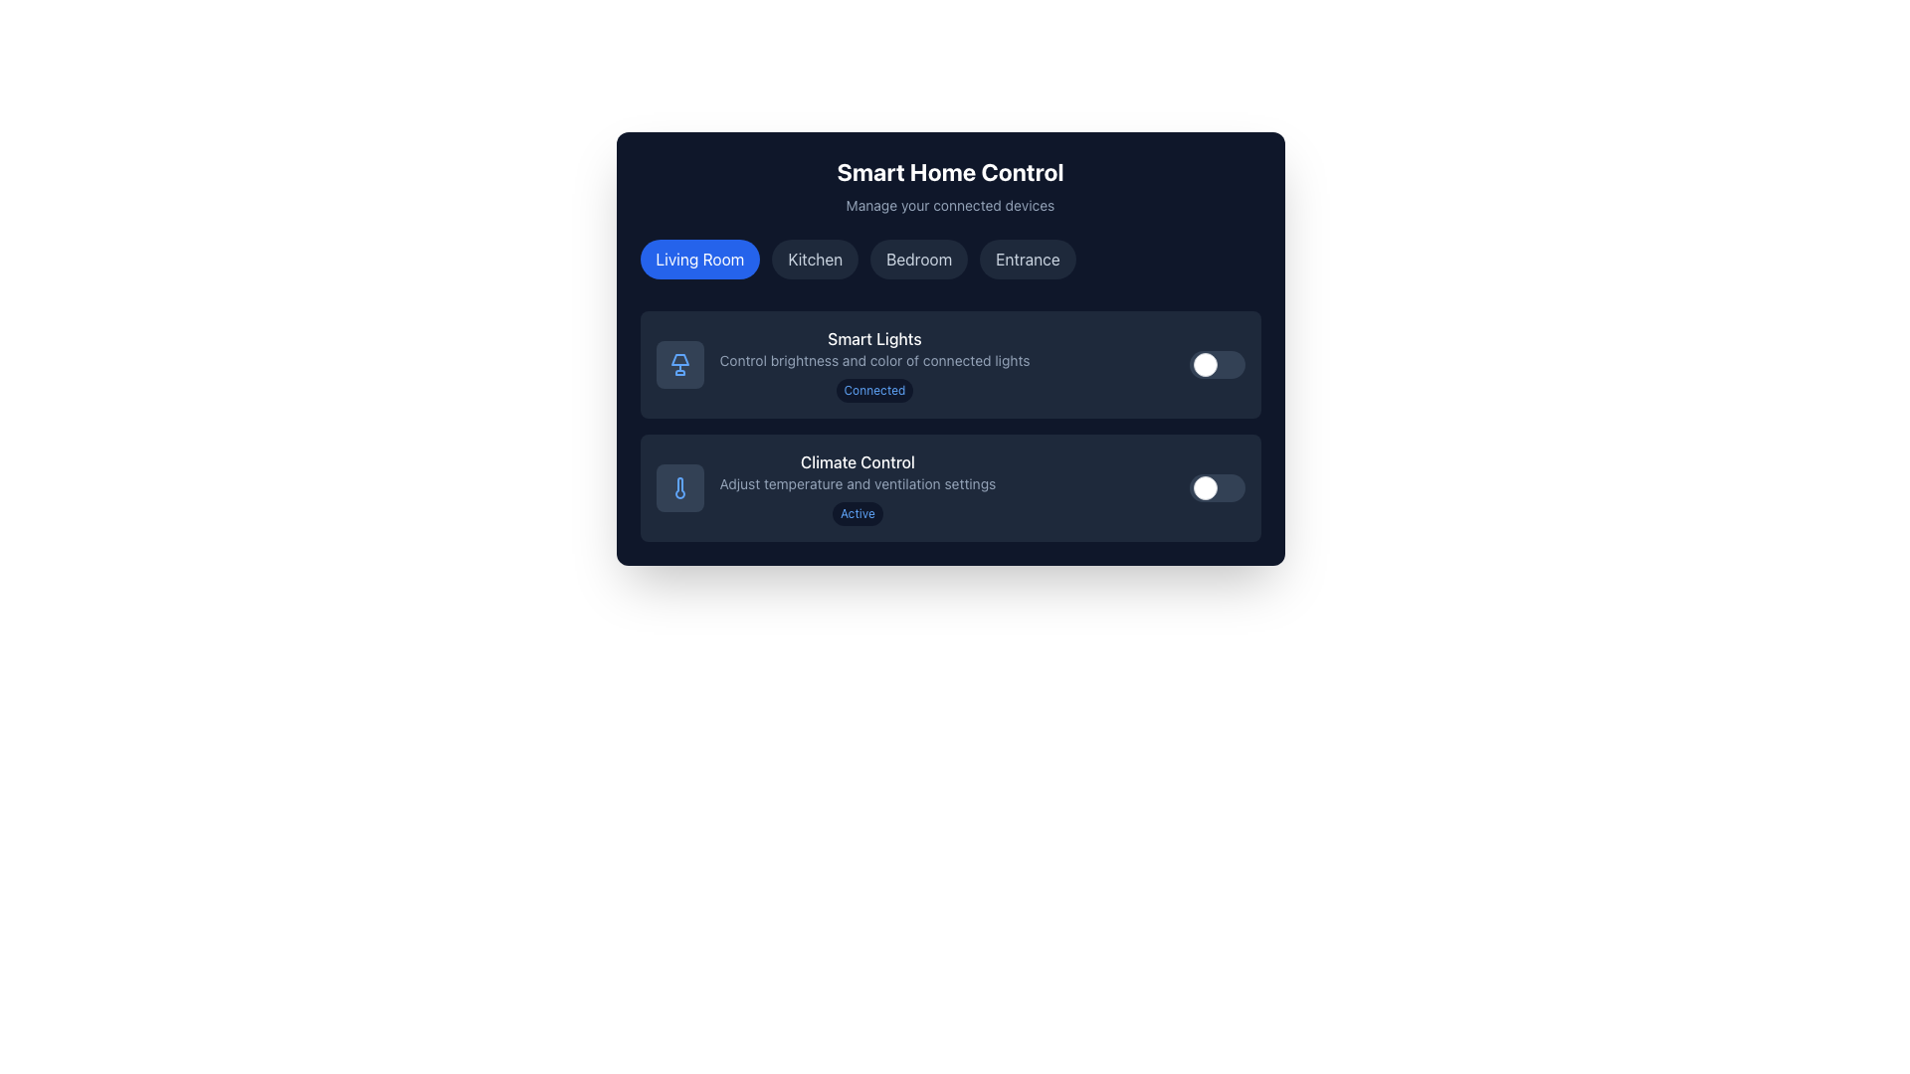 This screenshot has width=1910, height=1074. I want to click on information displayed in the 'Climate Control' informational panel, which includes the title, subtitle, and status badge, so click(858, 487).